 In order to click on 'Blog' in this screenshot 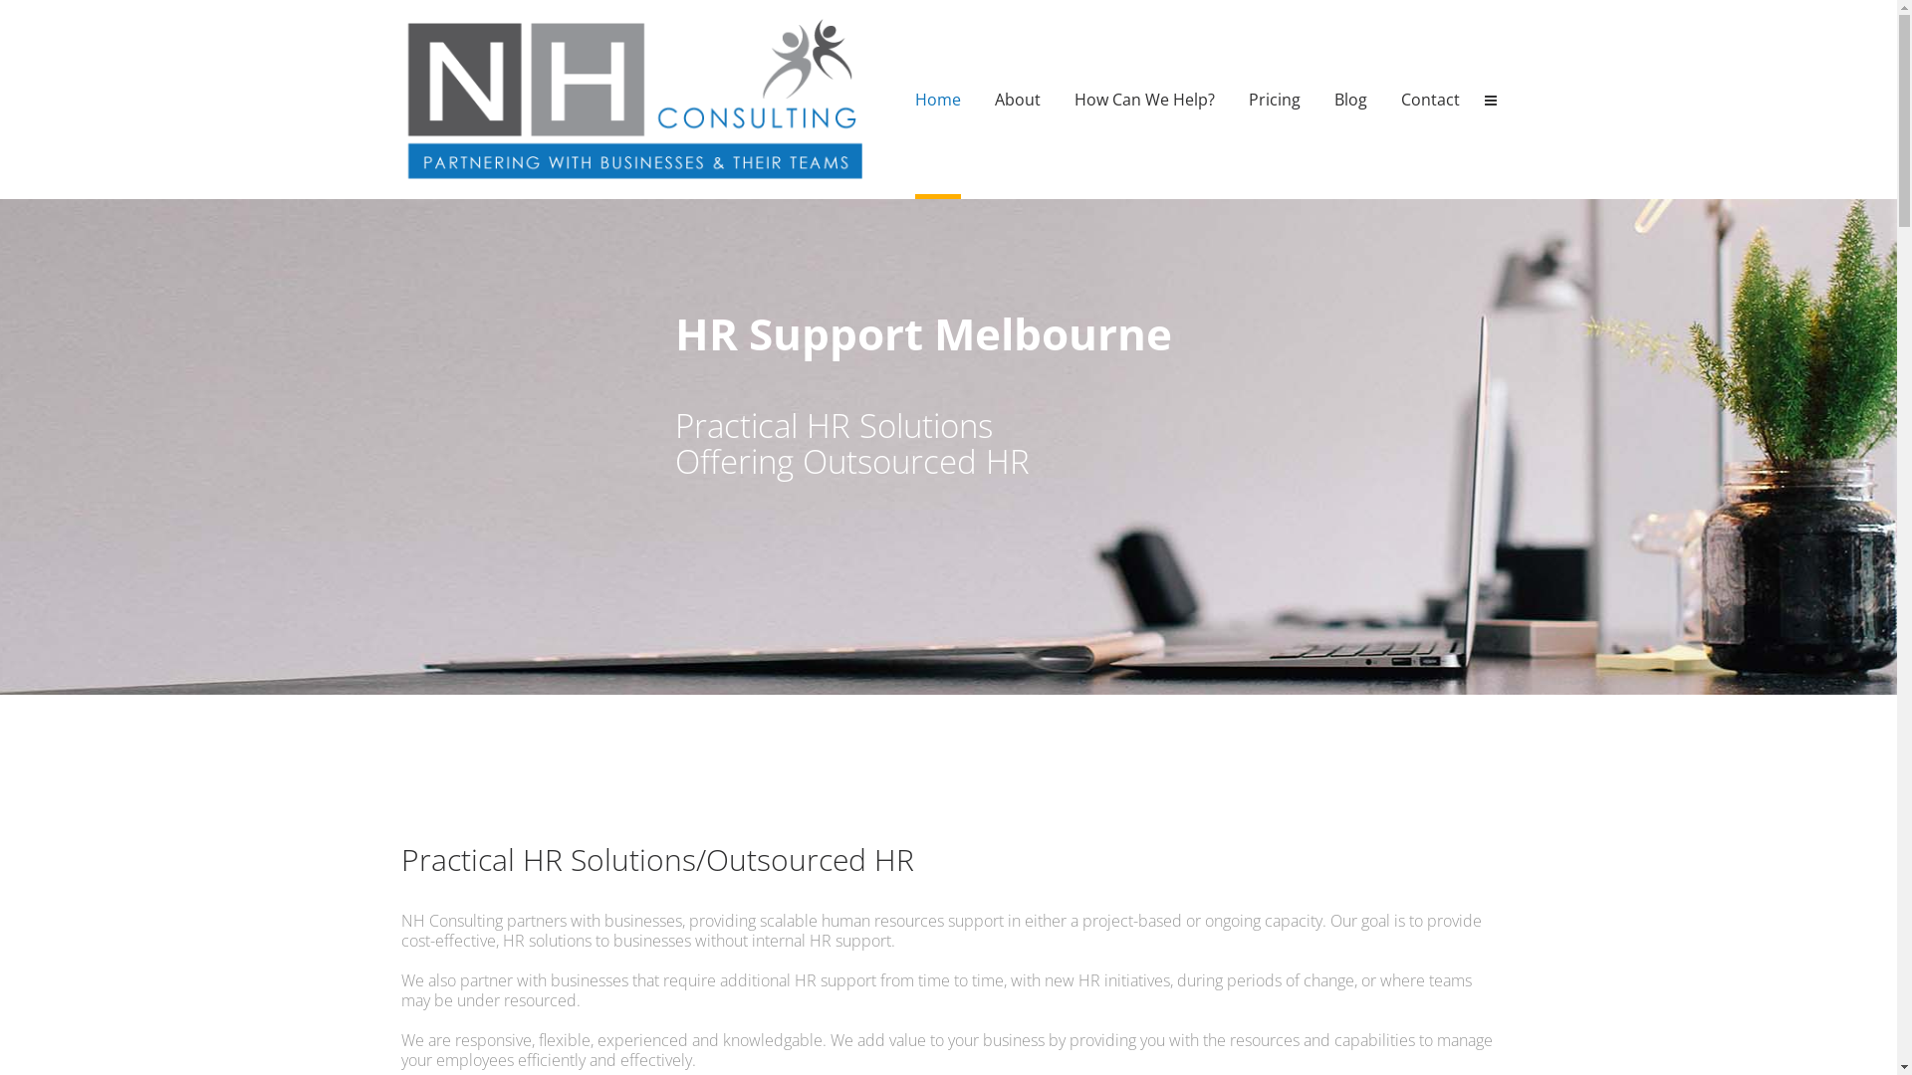, I will do `click(1350, 100)`.